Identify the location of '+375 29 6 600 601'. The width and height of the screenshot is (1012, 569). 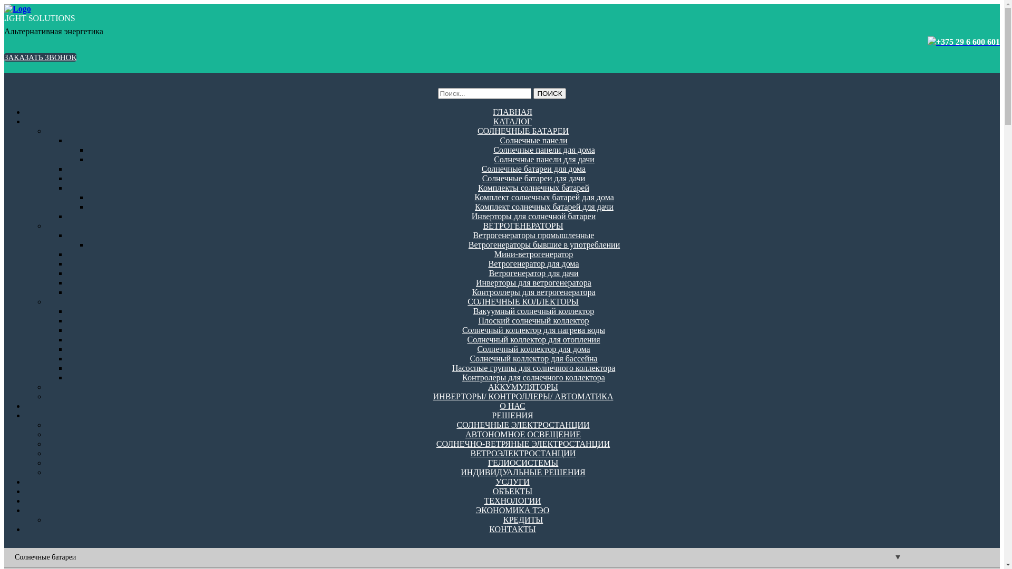
(968, 41).